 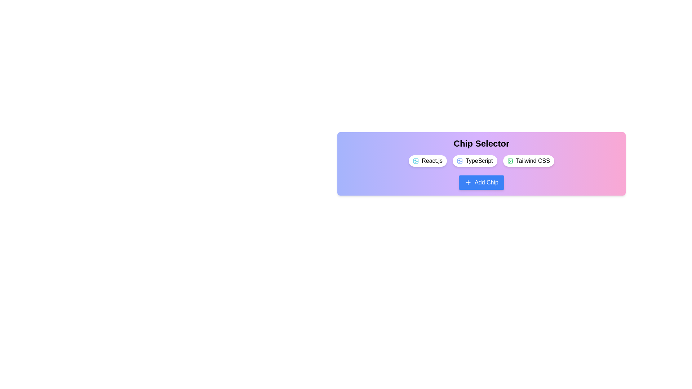 What do you see at coordinates (481, 182) in the screenshot?
I see `the button located centrally in the lower section of the 'Chip Selector' panel` at bounding box center [481, 182].